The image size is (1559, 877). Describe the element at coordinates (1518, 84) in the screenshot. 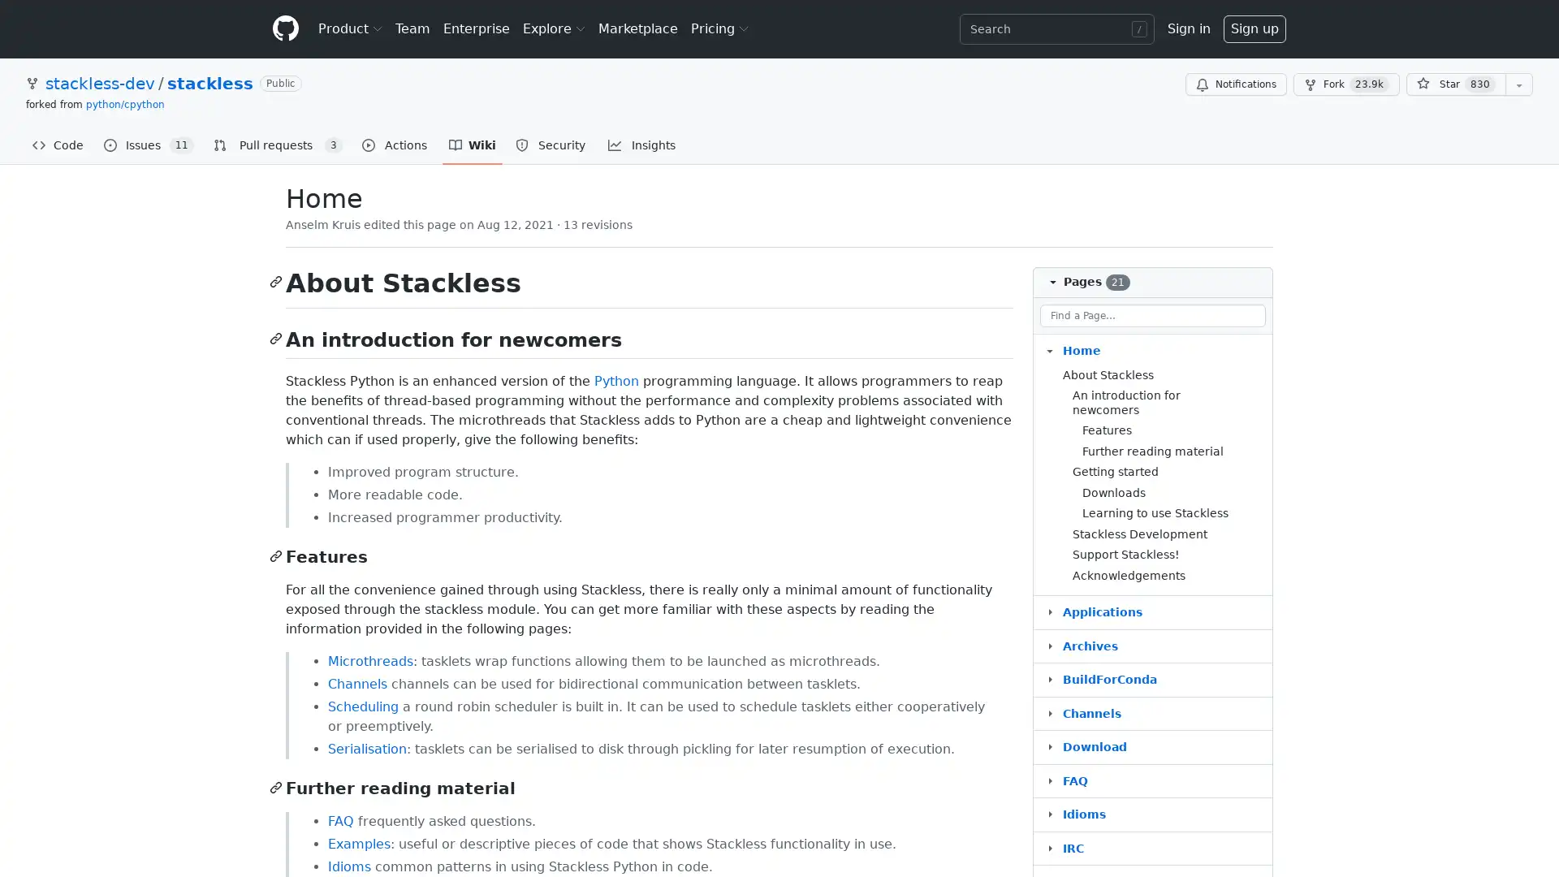

I see `You must be signed in to add this repository to a list` at that location.